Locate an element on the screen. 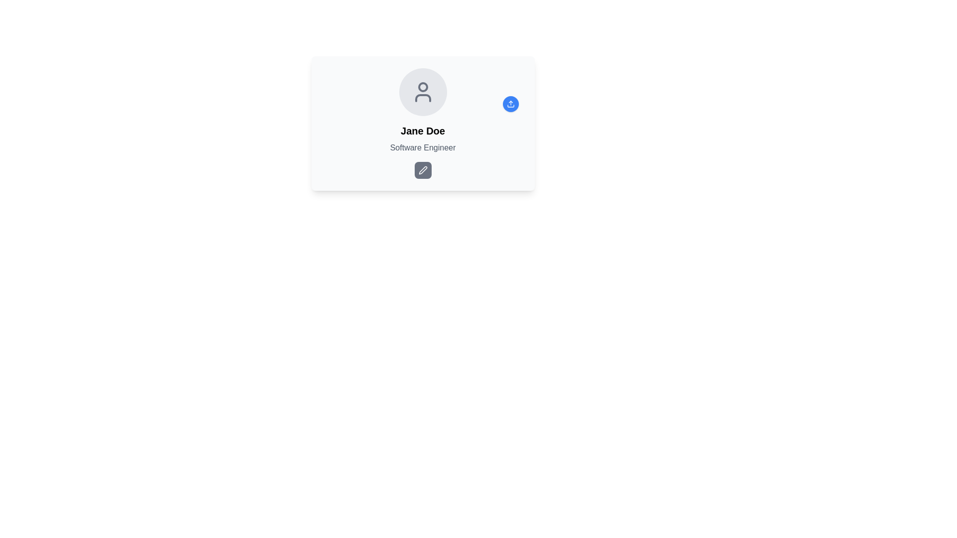 This screenshot has height=538, width=957. user's name displayed in the Text Component located within the card layout, positioned below the profile icon and above the position text 'Software Engineer' is located at coordinates (423, 130).